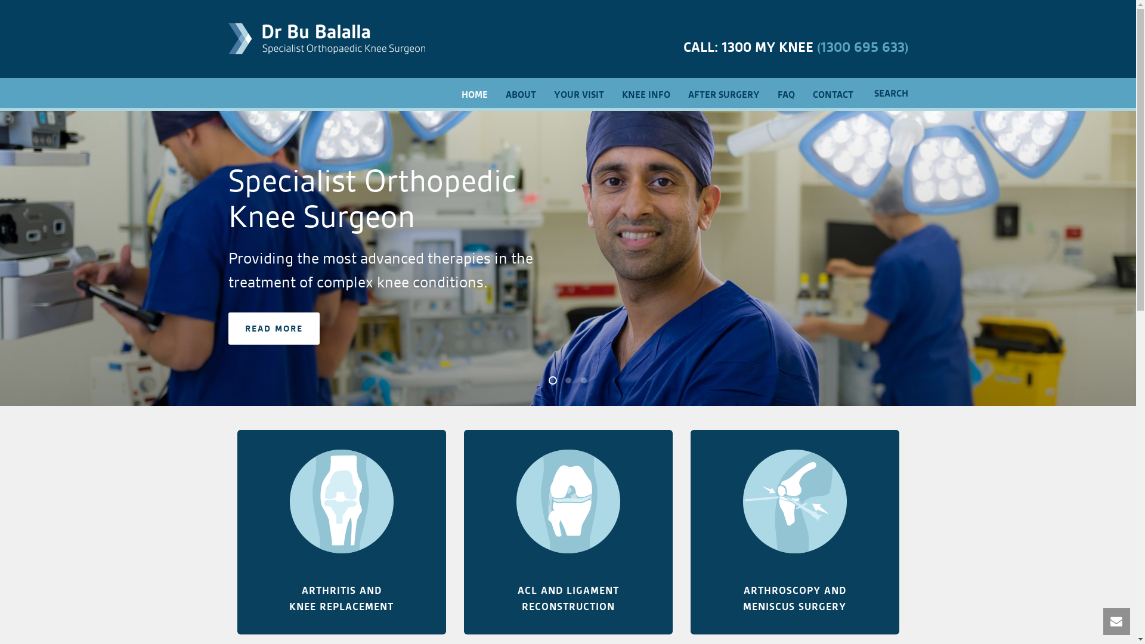 This screenshot has width=1145, height=644. I want to click on 'Specialist Orthopaedic Knee Surgeon', so click(326, 38).